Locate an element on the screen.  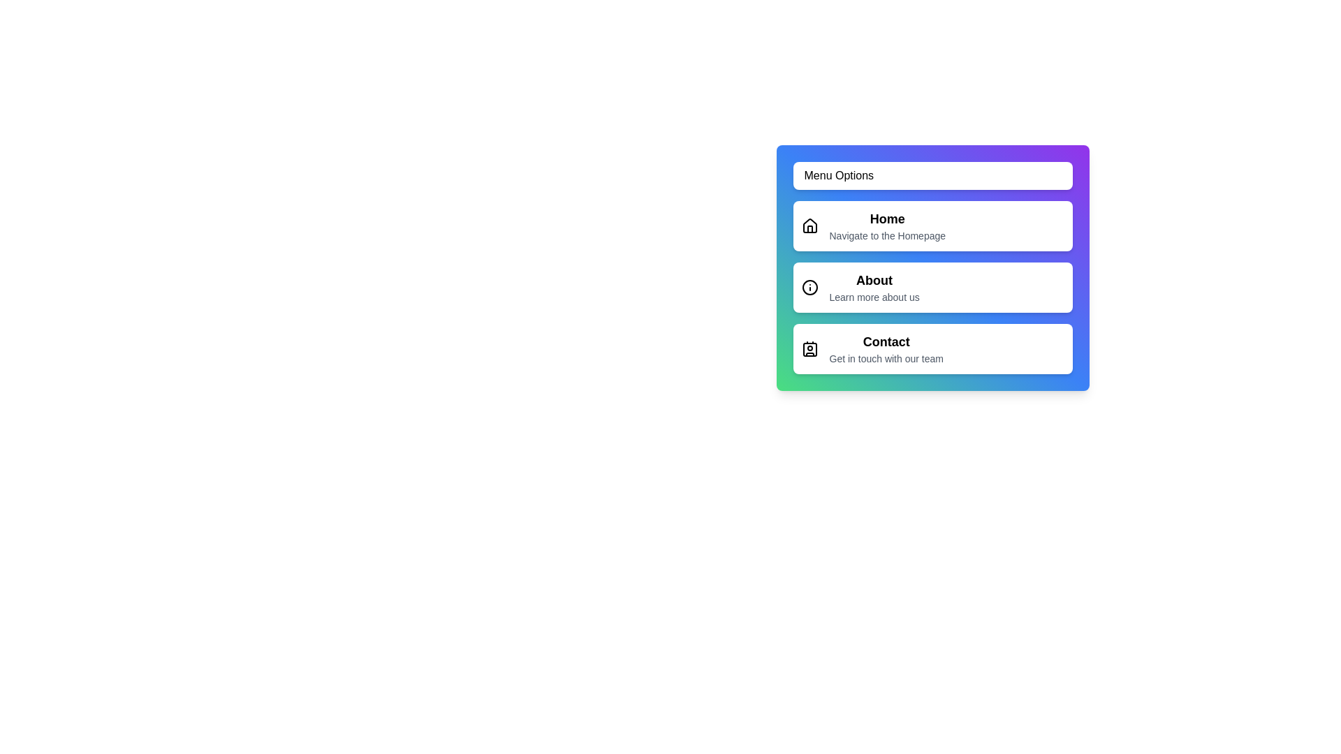
the menu item About from the menu is located at coordinates (932, 287).